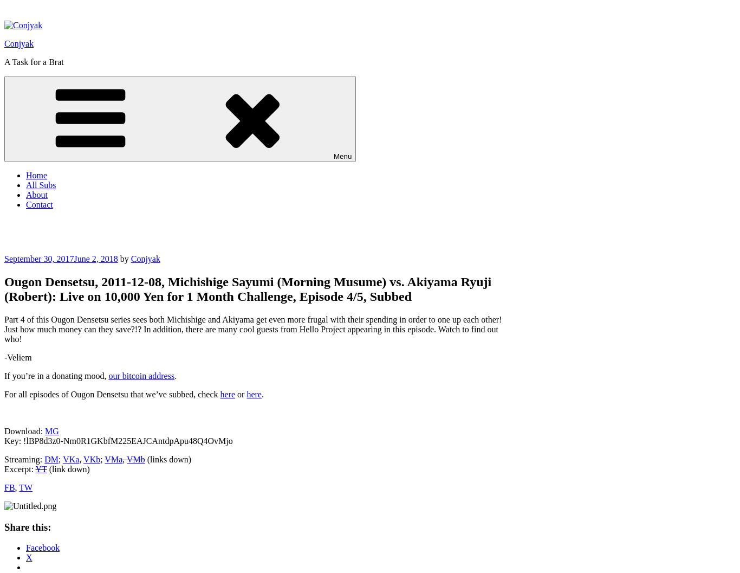 The image size is (740, 573). What do you see at coordinates (41, 468) in the screenshot?
I see `'YT'` at bounding box center [41, 468].